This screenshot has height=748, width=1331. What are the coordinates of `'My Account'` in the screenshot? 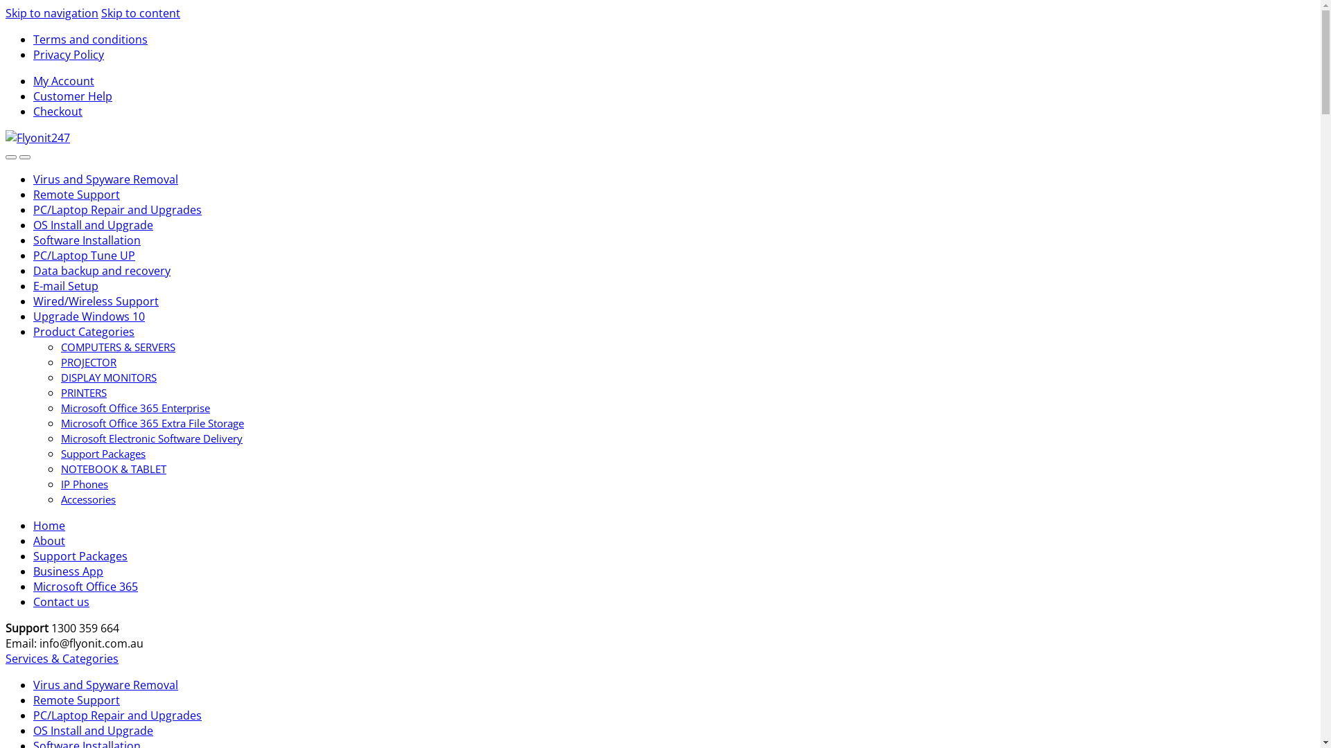 It's located at (62, 80).